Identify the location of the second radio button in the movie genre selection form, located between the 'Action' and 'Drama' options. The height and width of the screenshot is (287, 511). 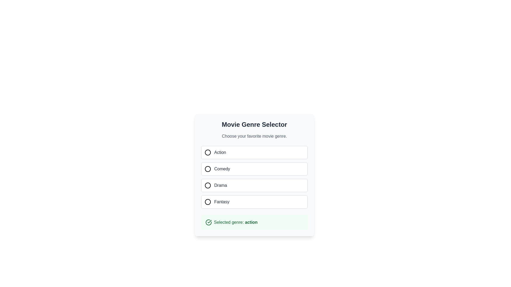
(208, 169).